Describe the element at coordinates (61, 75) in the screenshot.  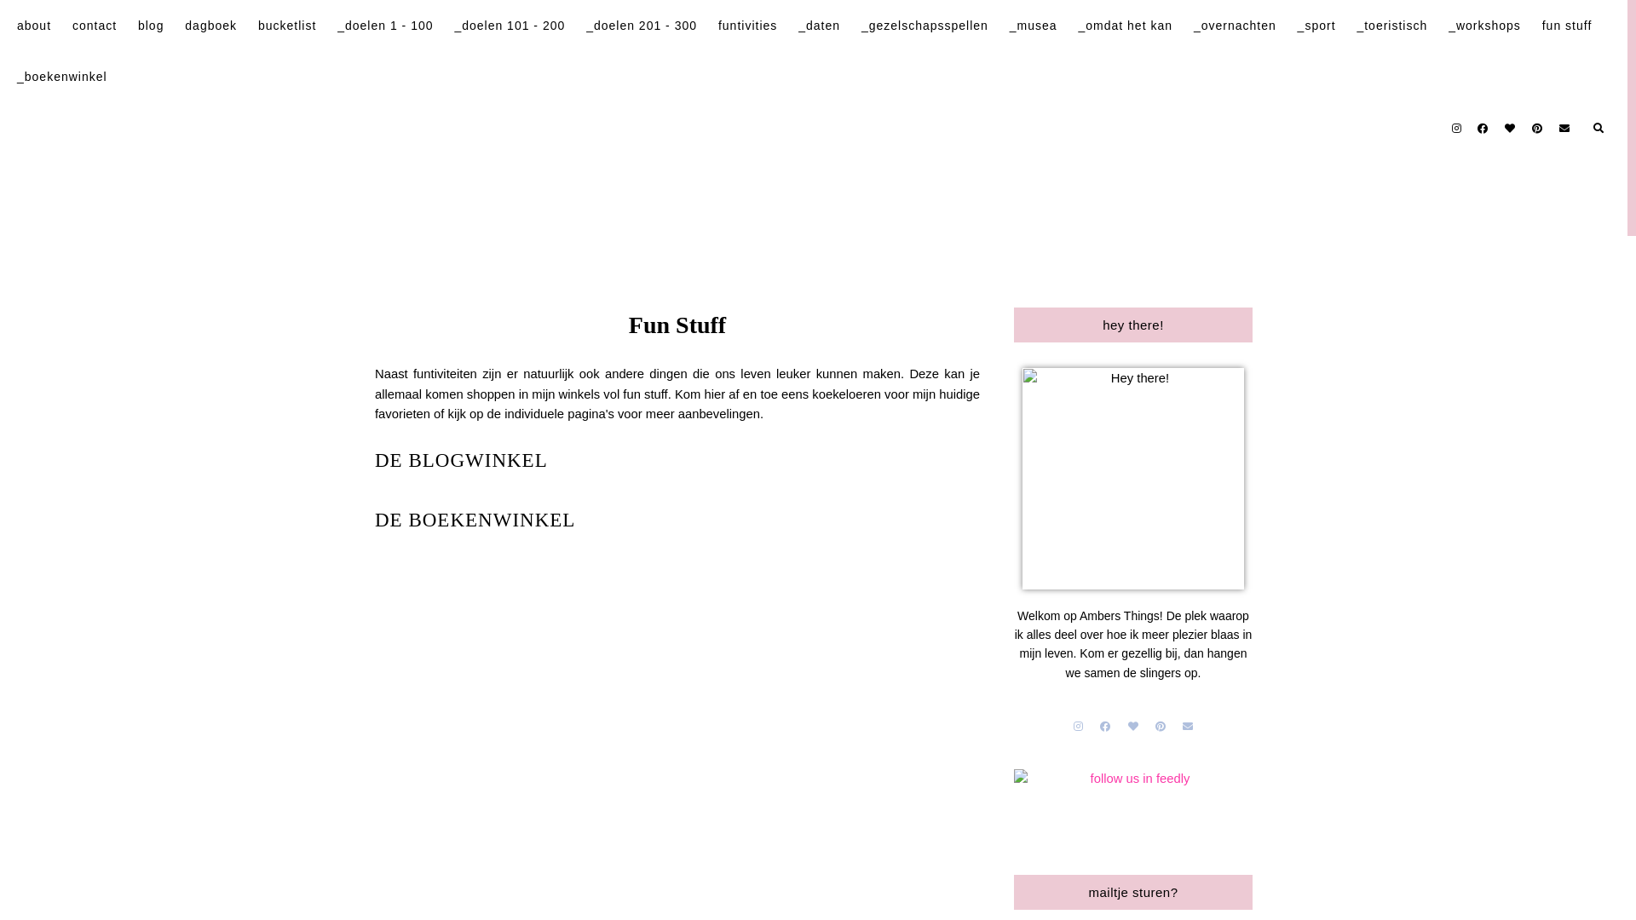
I see `'_boekenwinkel'` at that location.